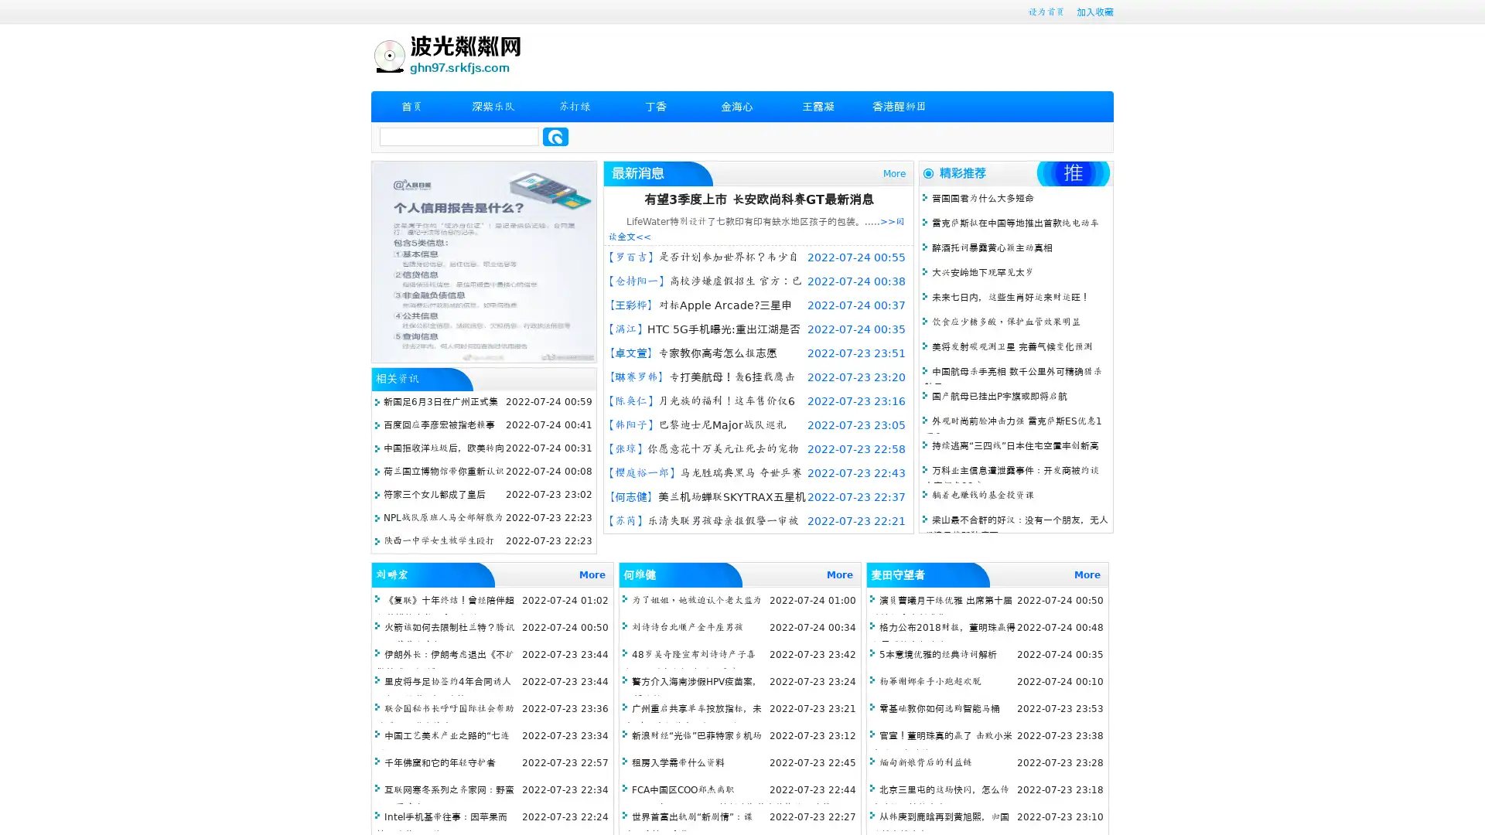 This screenshot has width=1485, height=835. What do you see at coordinates (555, 136) in the screenshot?
I see `Search` at bounding box center [555, 136].